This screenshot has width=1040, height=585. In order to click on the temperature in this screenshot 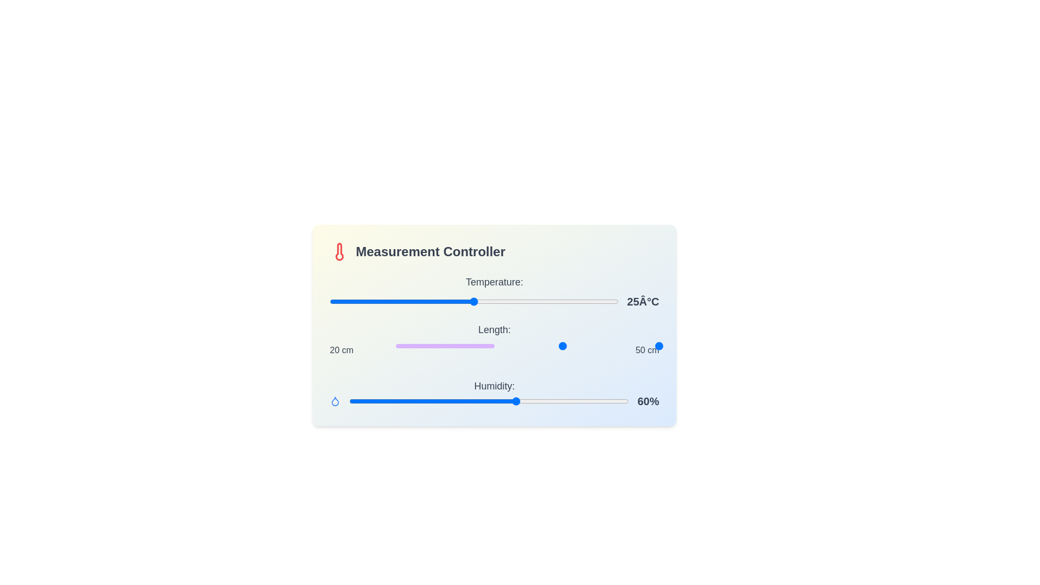, I will do `click(347, 301)`.